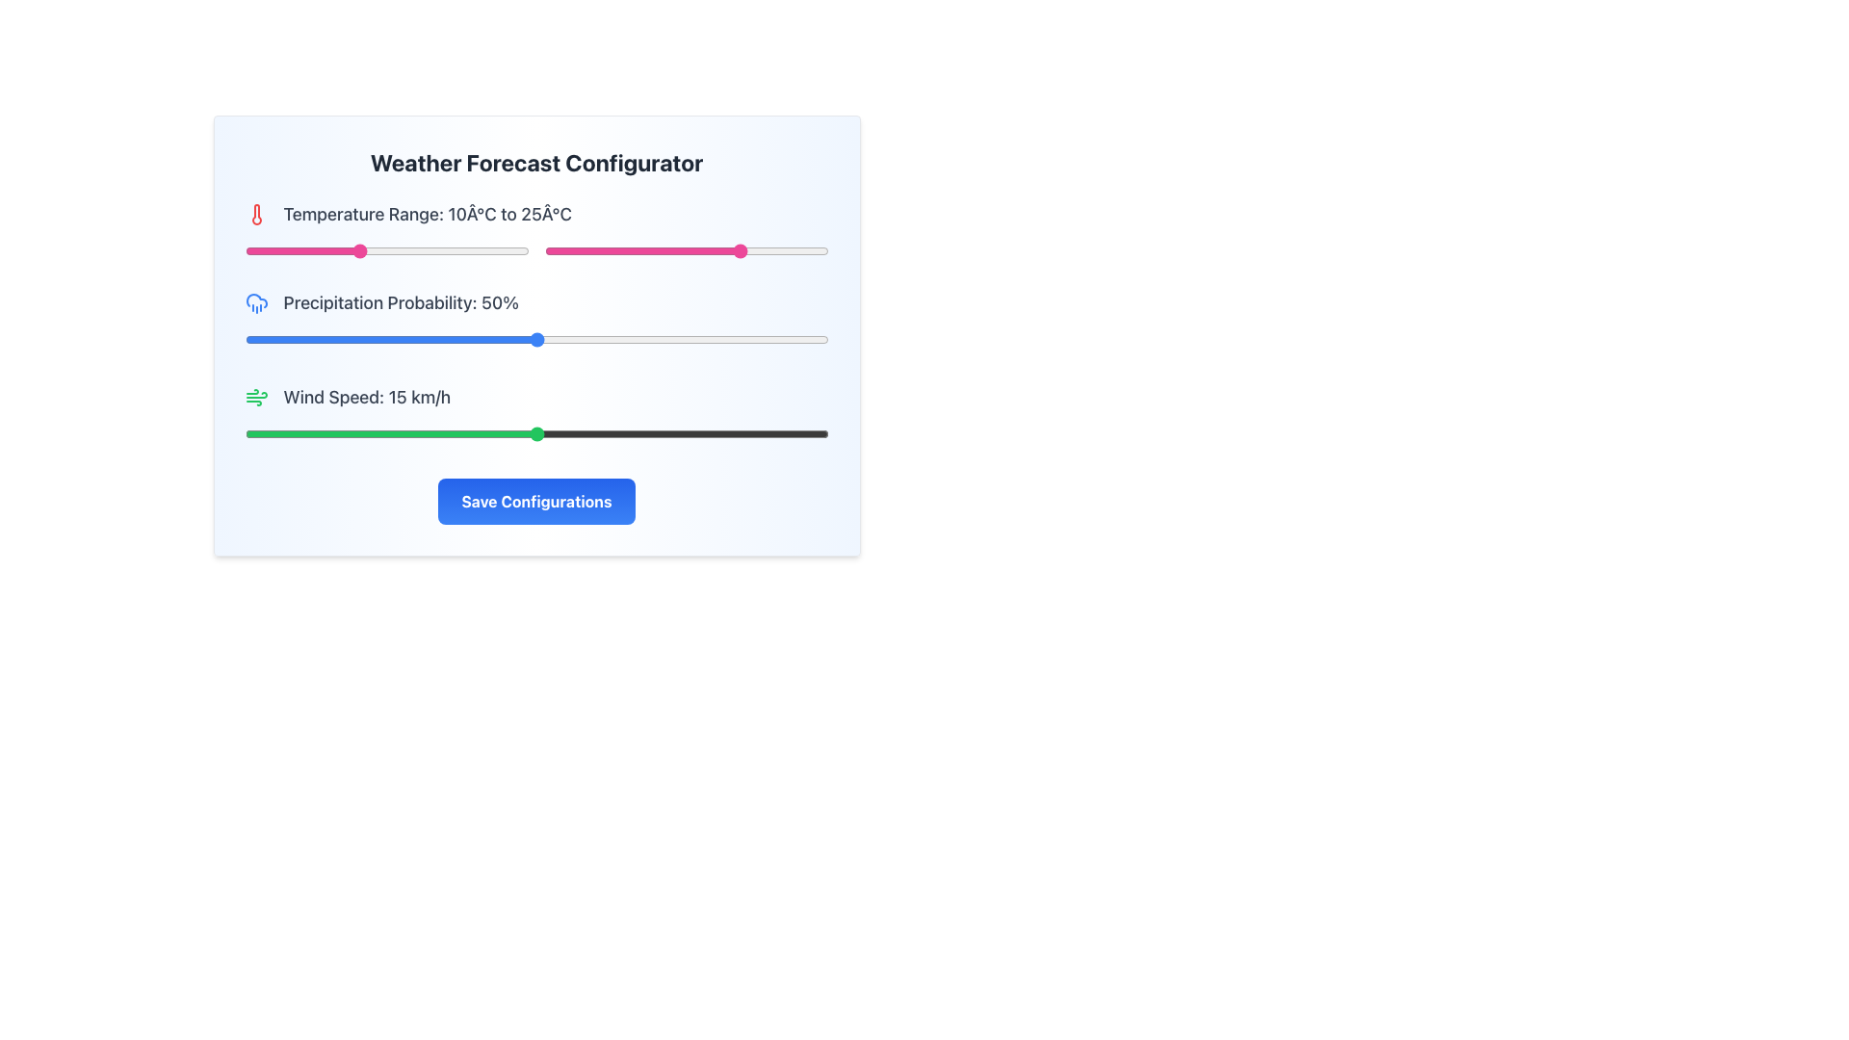  Describe the element at coordinates (306, 250) in the screenshot. I see `the slider value` at that location.